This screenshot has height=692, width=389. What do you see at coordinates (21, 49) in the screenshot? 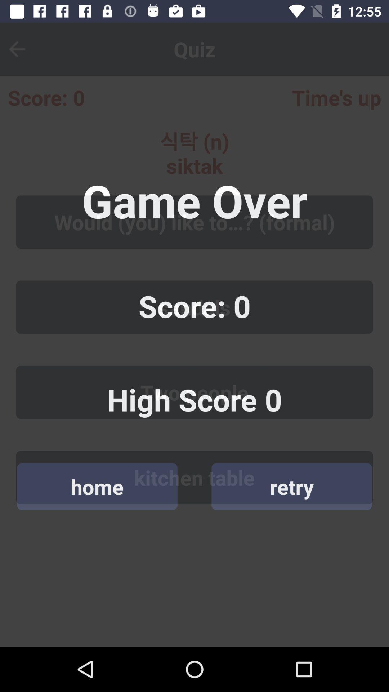
I see `the arrow_backward icon` at bounding box center [21, 49].